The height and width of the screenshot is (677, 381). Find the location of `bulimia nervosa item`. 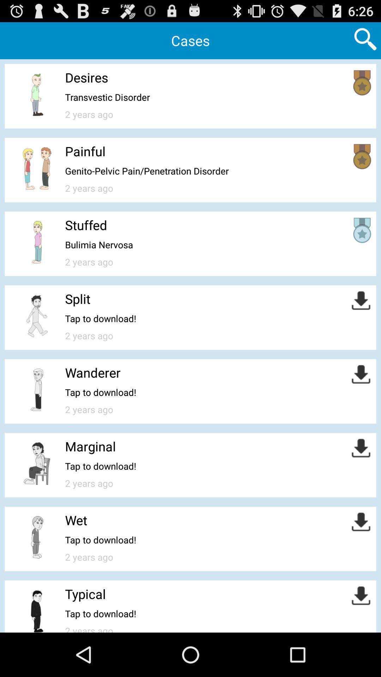

bulimia nervosa item is located at coordinates (99, 245).